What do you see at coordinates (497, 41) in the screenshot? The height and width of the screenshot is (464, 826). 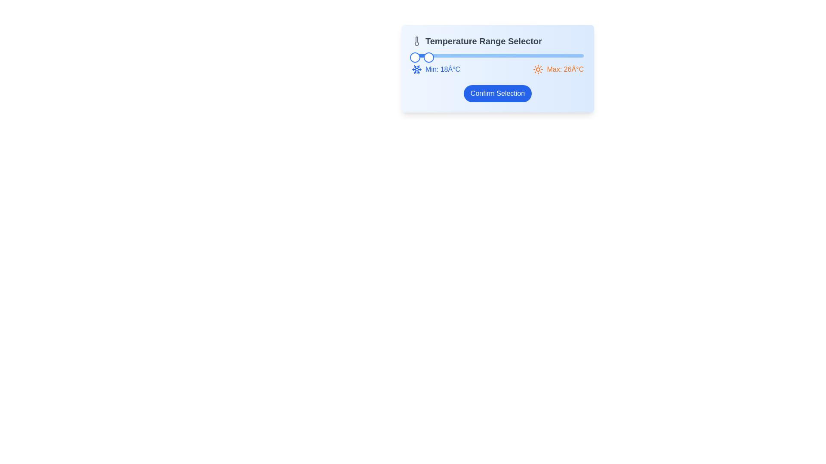 I see `the 'Temperature Range Selector' text label with thermometer icon for accessibility navigation` at bounding box center [497, 41].